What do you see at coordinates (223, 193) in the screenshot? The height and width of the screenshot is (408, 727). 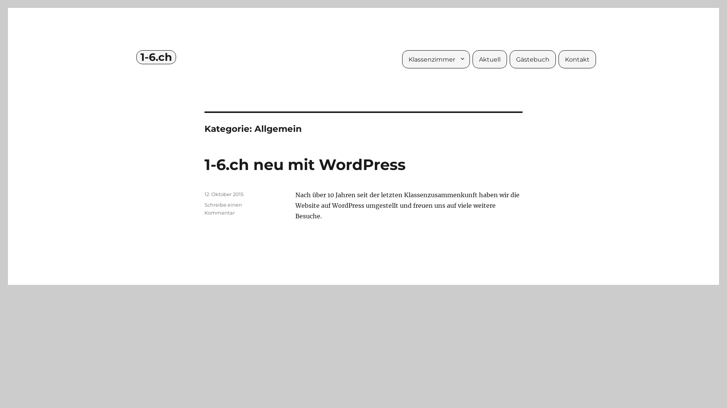 I see `'12. Oktober 2015'` at bounding box center [223, 193].